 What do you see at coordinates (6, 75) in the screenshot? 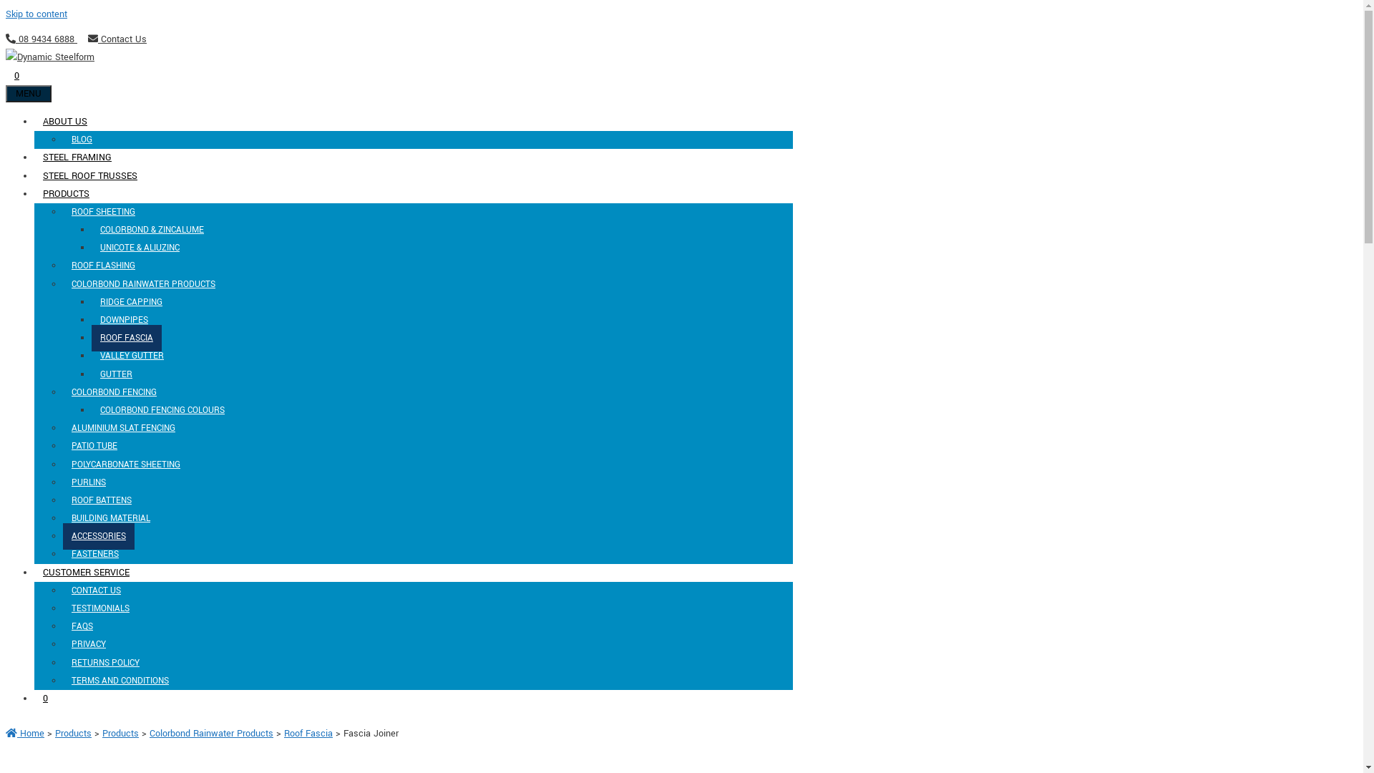
I see `'0'` at bounding box center [6, 75].